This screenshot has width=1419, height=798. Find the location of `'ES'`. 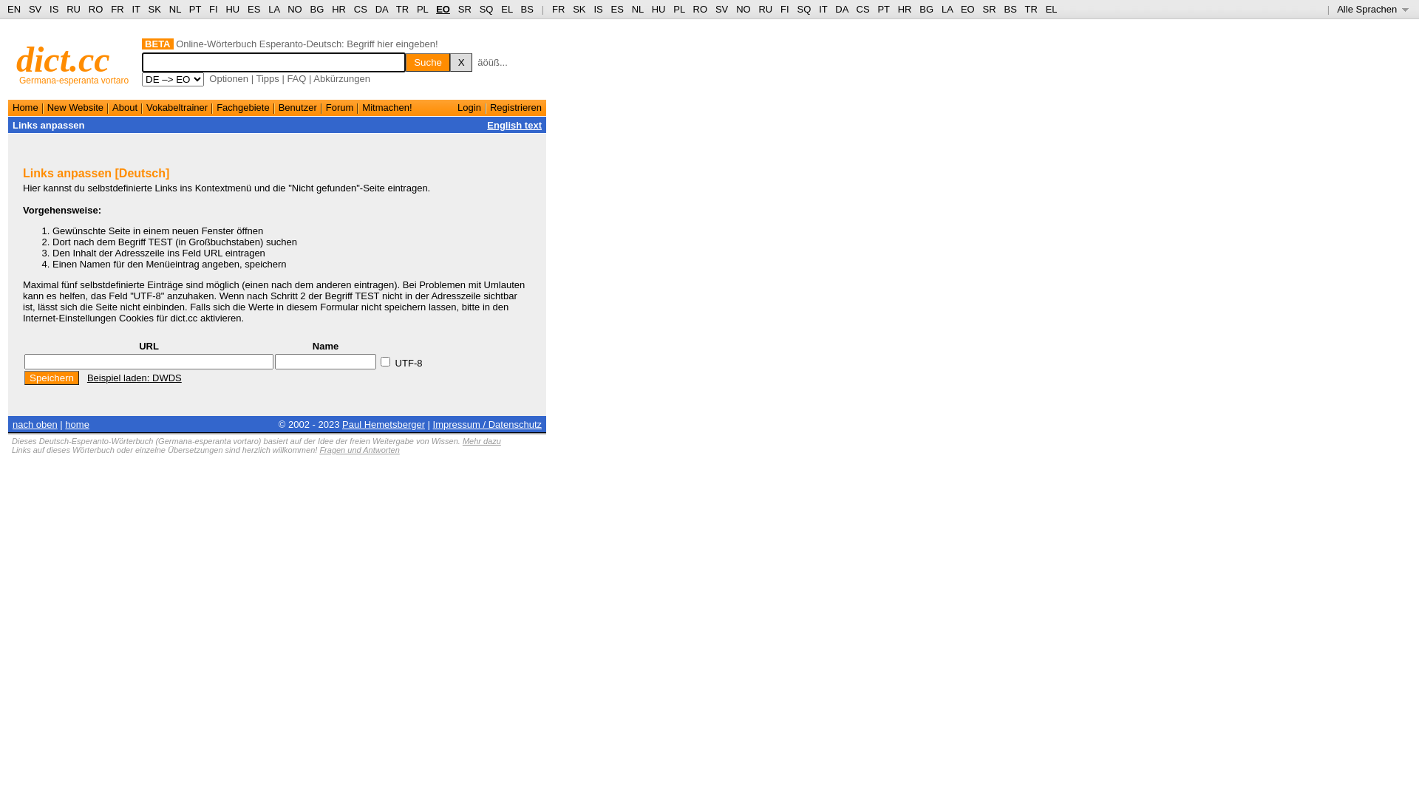

'ES' is located at coordinates (253, 9).